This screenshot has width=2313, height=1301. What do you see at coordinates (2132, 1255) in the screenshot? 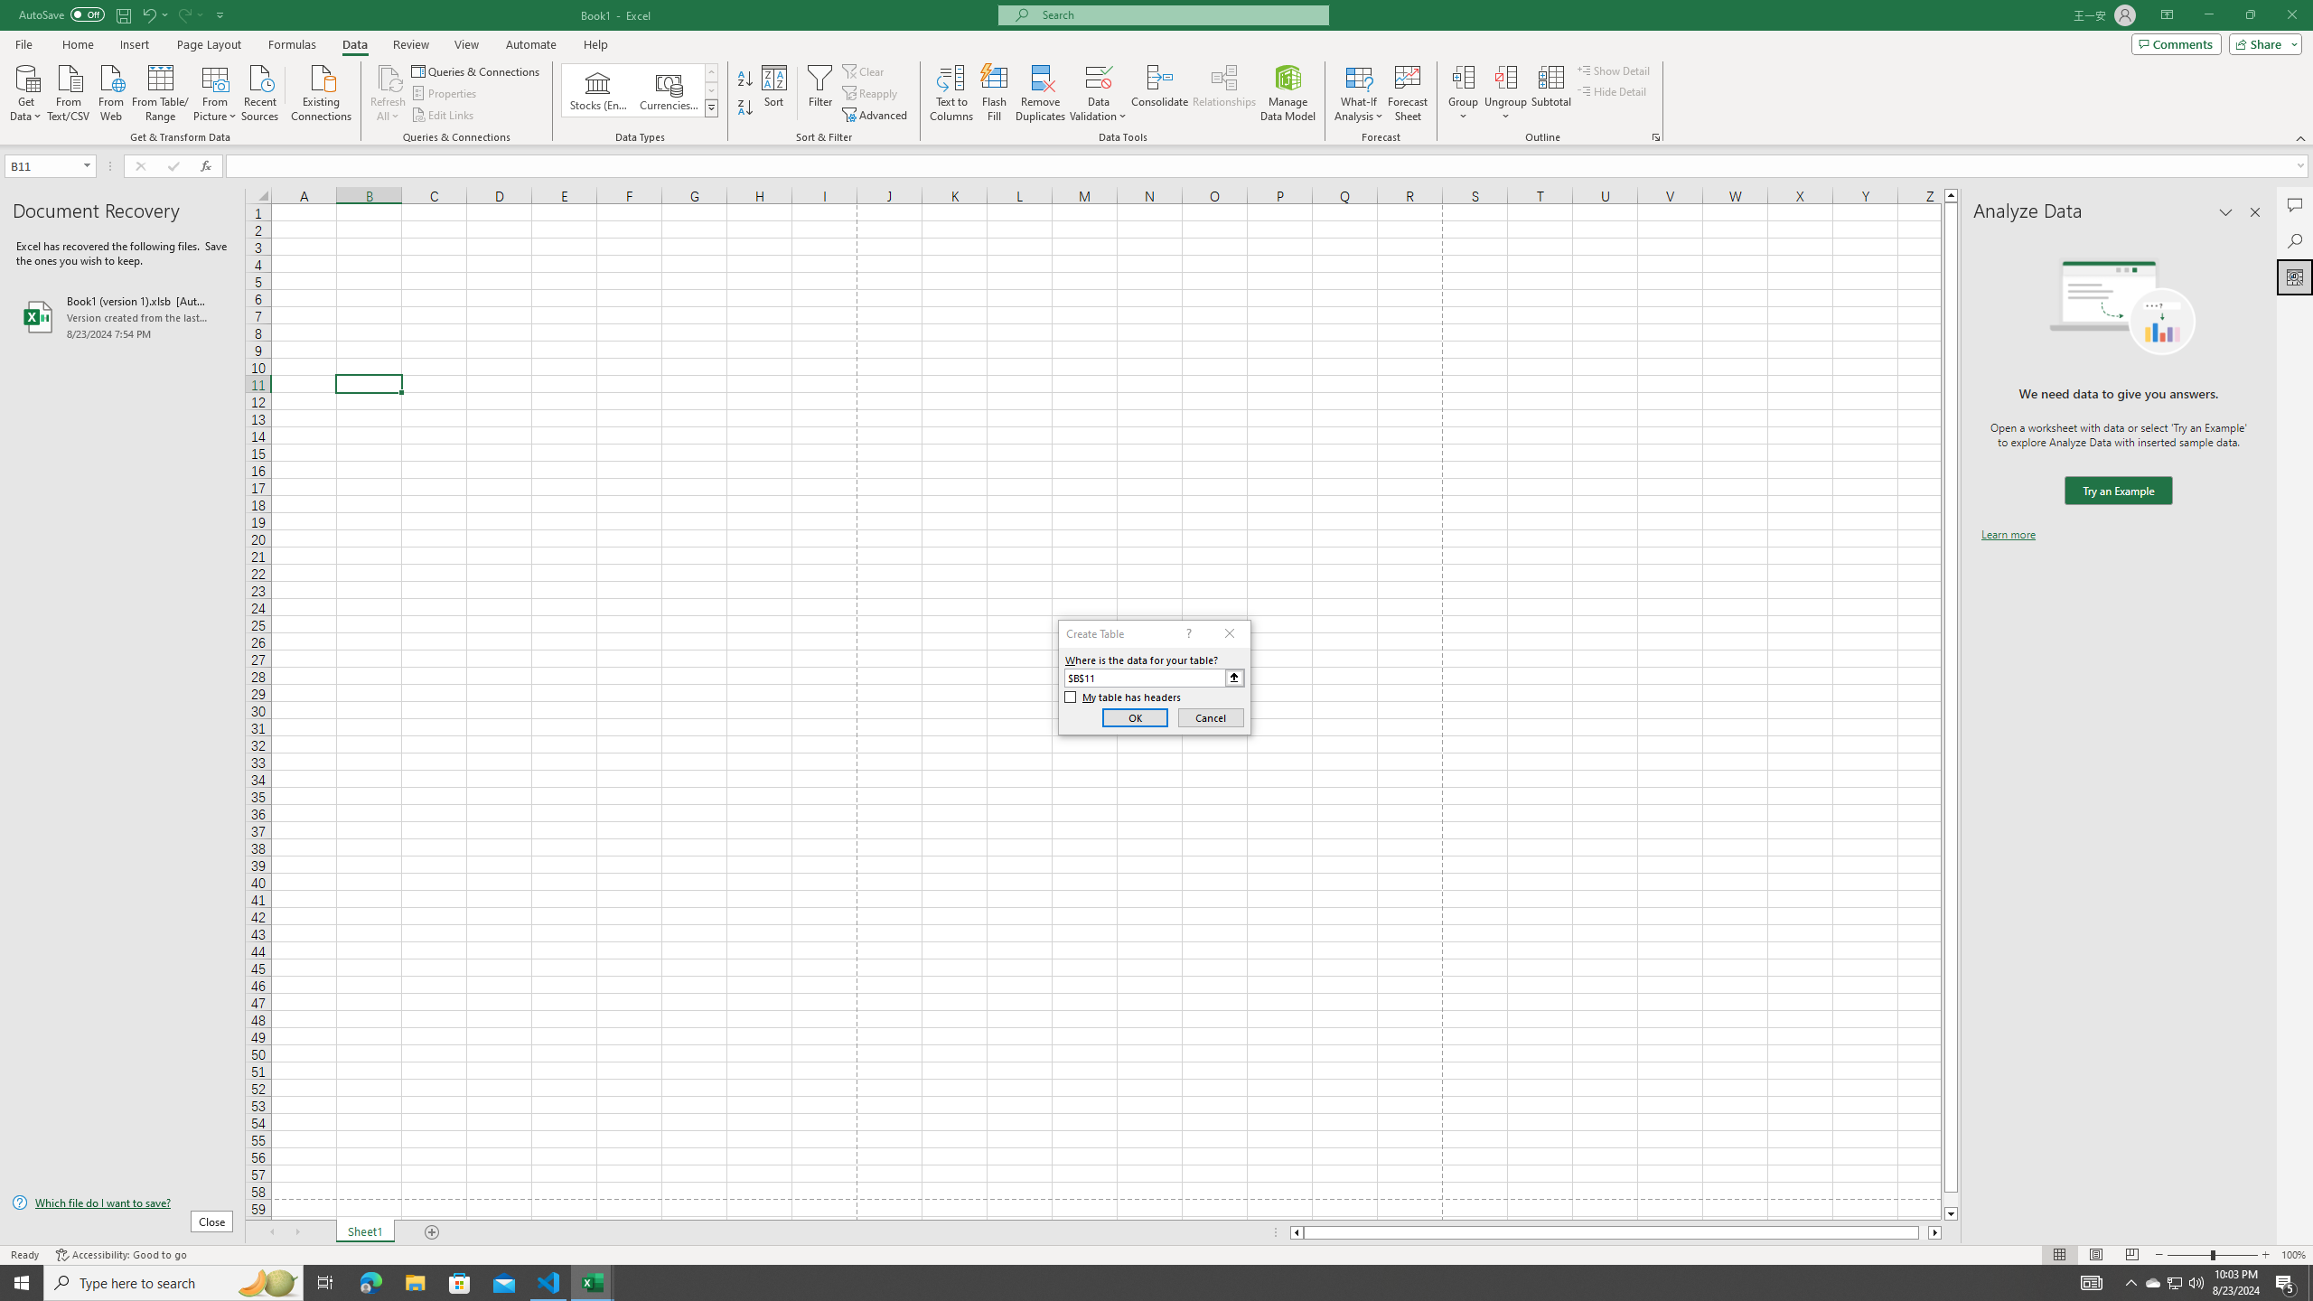
I see `'Page Break Preview'` at bounding box center [2132, 1255].